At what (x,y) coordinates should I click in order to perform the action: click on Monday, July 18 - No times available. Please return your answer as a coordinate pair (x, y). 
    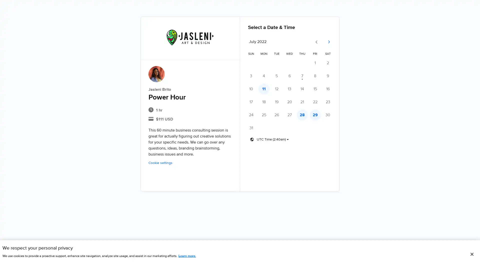
    Looking at the image, I should click on (264, 102).